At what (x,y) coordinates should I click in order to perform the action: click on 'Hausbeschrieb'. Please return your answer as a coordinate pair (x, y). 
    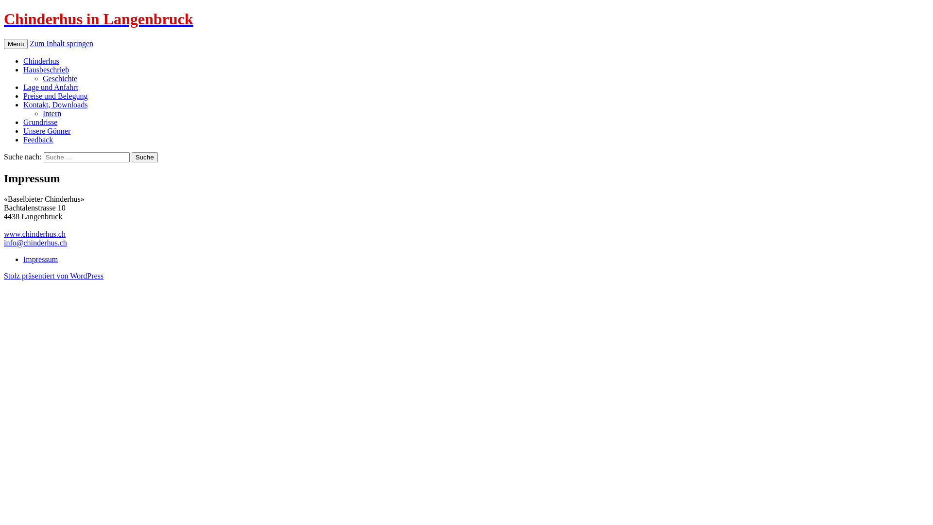
    Looking at the image, I should click on (46, 69).